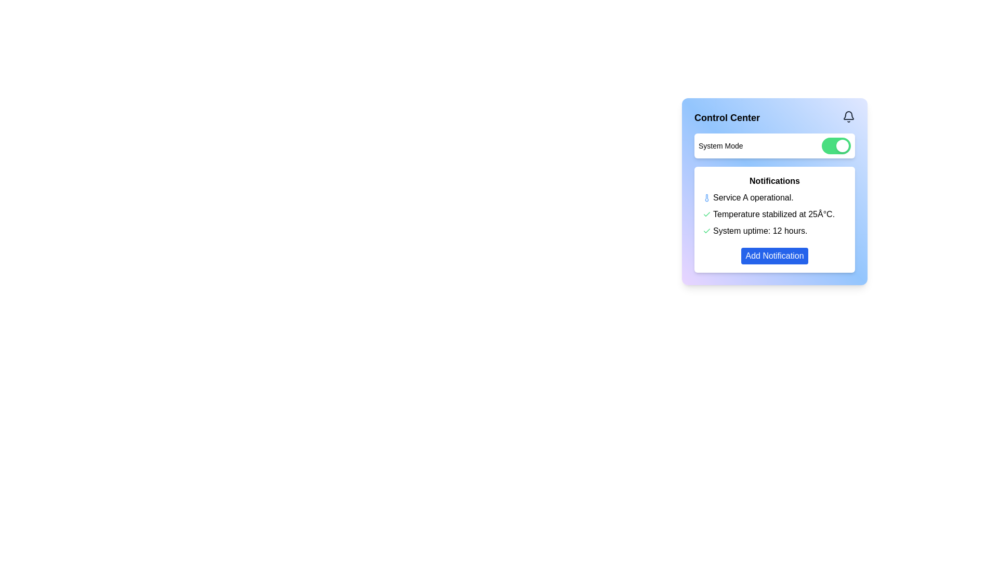 This screenshot has height=561, width=998. What do you see at coordinates (706, 198) in the screenshot?
I see `the Decorative status icon located within the graphical notification section, positioned before the notification text 'Service A operational.'` at bounding box center [706, 198].